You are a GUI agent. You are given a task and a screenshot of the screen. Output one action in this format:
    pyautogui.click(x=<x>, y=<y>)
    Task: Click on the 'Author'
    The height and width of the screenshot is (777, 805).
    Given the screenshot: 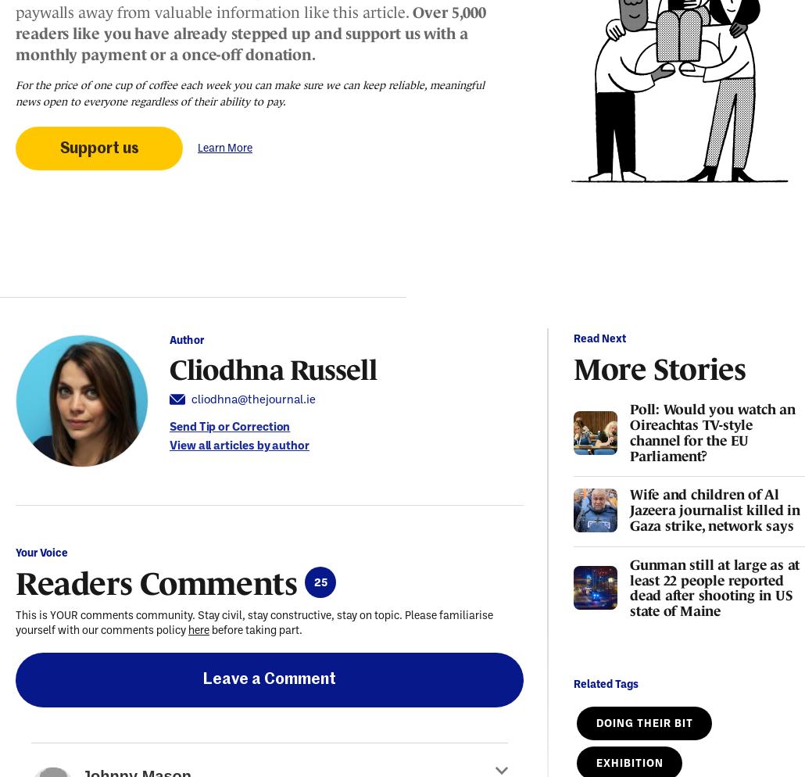 What is the action you would take?
    pyautogui.click(x=186, y=338)
    